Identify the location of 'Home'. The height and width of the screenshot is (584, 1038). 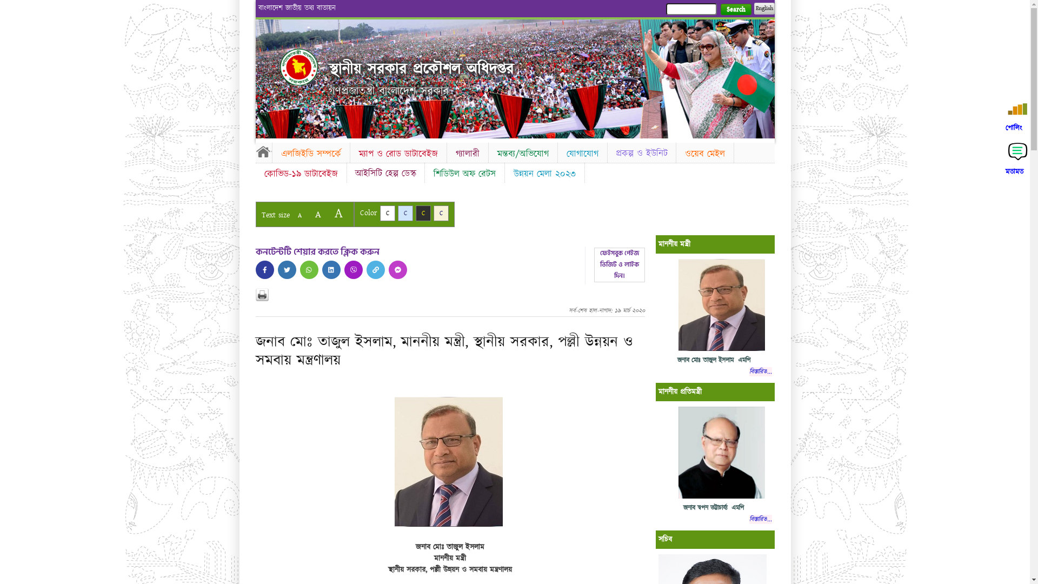
(263, 151).